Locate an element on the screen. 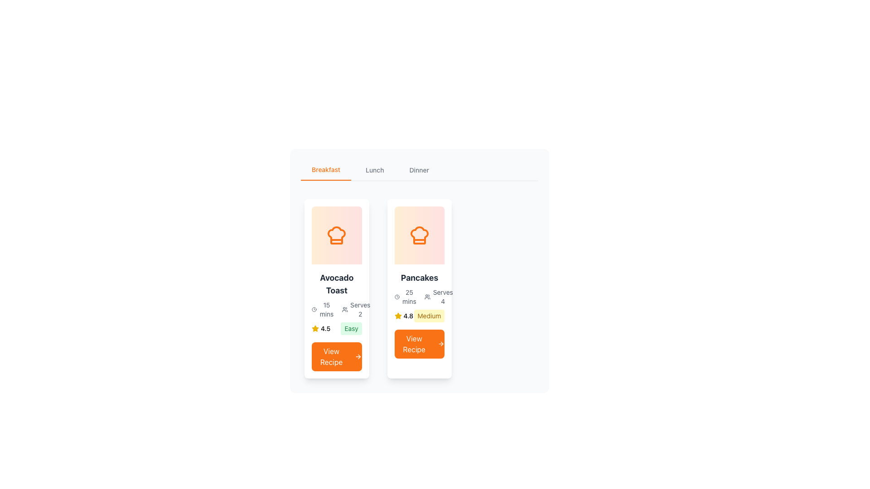 This screenshot has width=870, height=489. star icon with a yellow fill and black outline located in the 'Pancakes' card, positioned below the rating text and above the difficulty label is located at coordinates (315, 328).